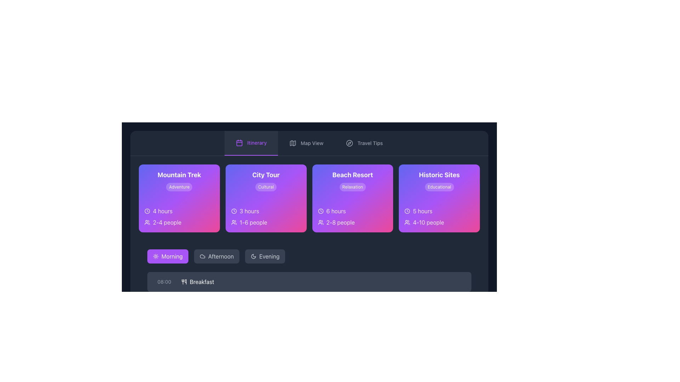 The width and height of the screenshot is (680, 382). What do you see at coordinates (309, 143) in the screenshot?
I see `the second tab in the Tab Navigation, which allows switching between 'Itinerary', 'Map View', and 'Travel Tips'` at bounding box center [309, 143].